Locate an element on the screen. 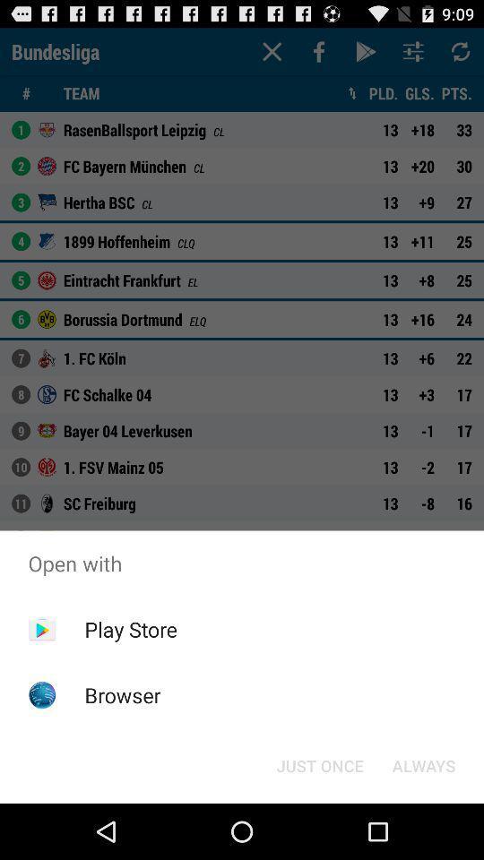 Image resolution: width=484 pixels, height=860 pixels. the item below open with app is located at coordinates (130, 629).